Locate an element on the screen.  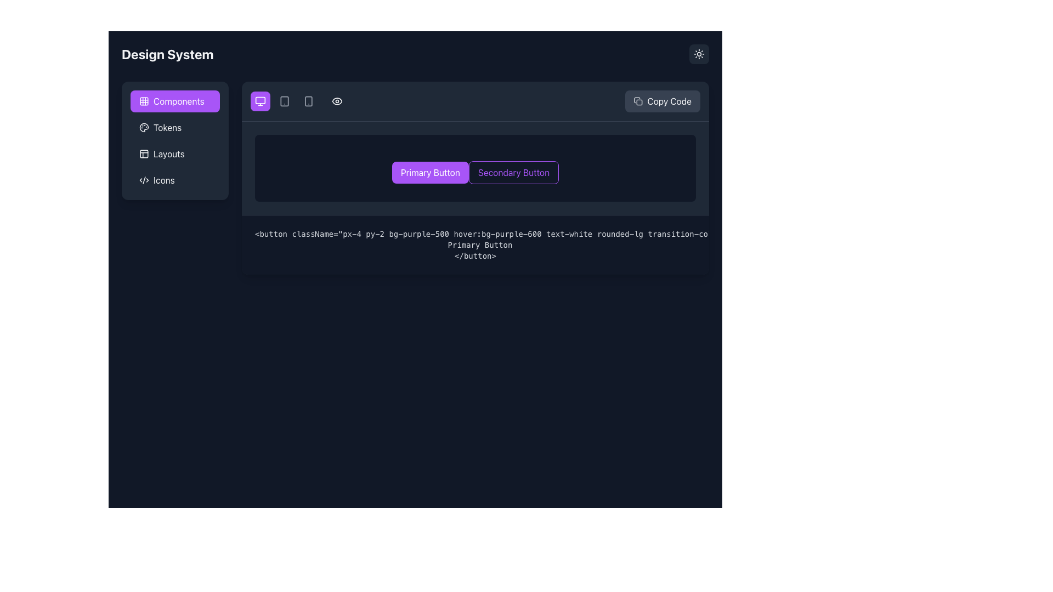
the 'Components' button, a prominent rectangular button with rounded corners, styled in purple with white text and a grid icon, located at the top of the sidebar list is located at coordinates (174, 101).